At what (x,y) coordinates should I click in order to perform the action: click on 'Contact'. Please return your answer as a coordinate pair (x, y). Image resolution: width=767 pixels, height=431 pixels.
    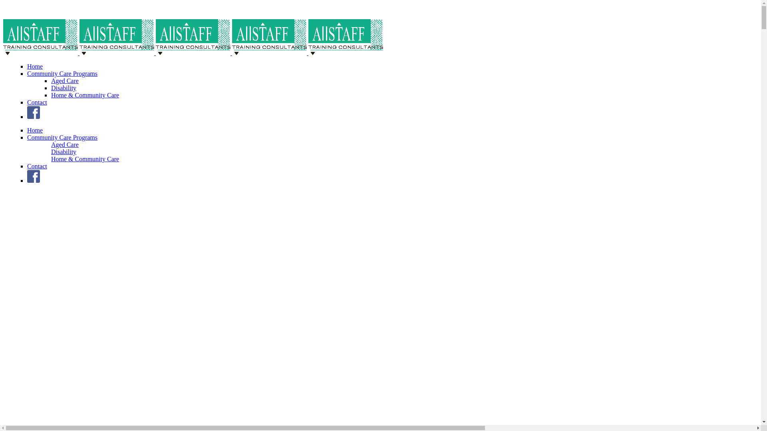
    Looking at the image, I should click on (36, 102).